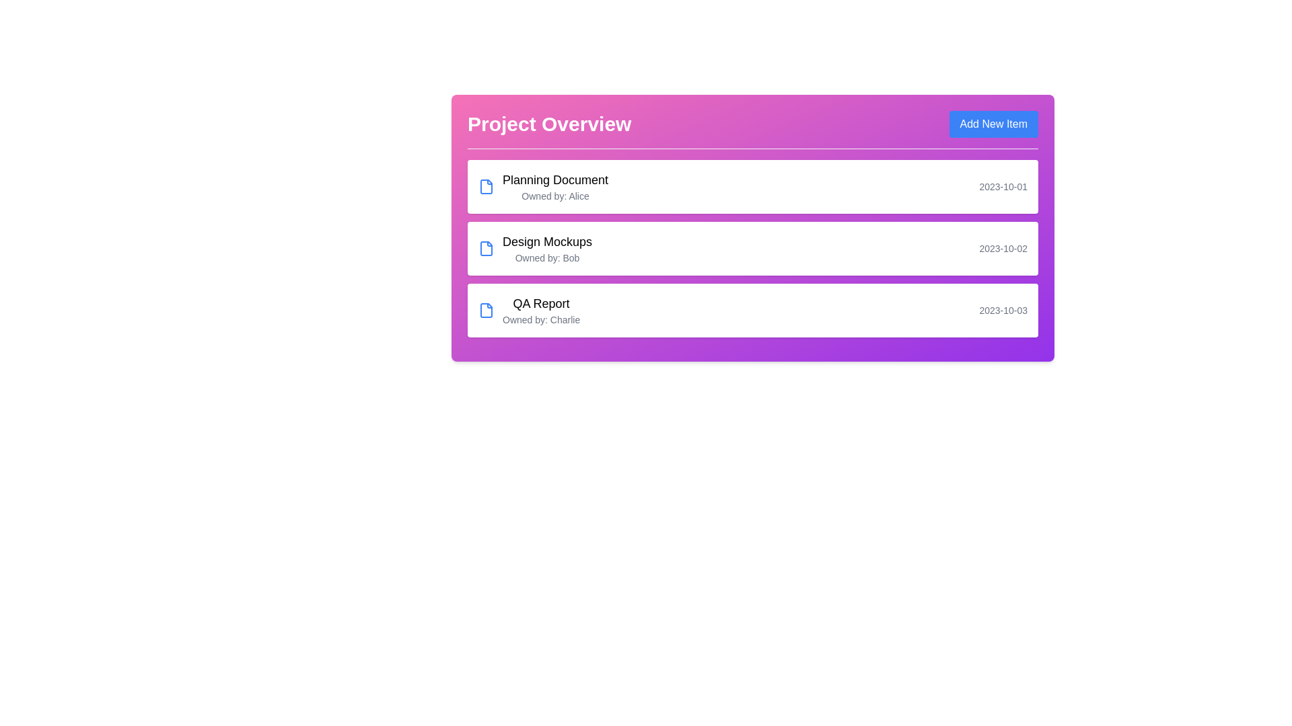  Describe the element at coordinates (543, 186) in the screenshot. I see `the first list item displaying a document icon and the text 'Planning Document'` at that location.